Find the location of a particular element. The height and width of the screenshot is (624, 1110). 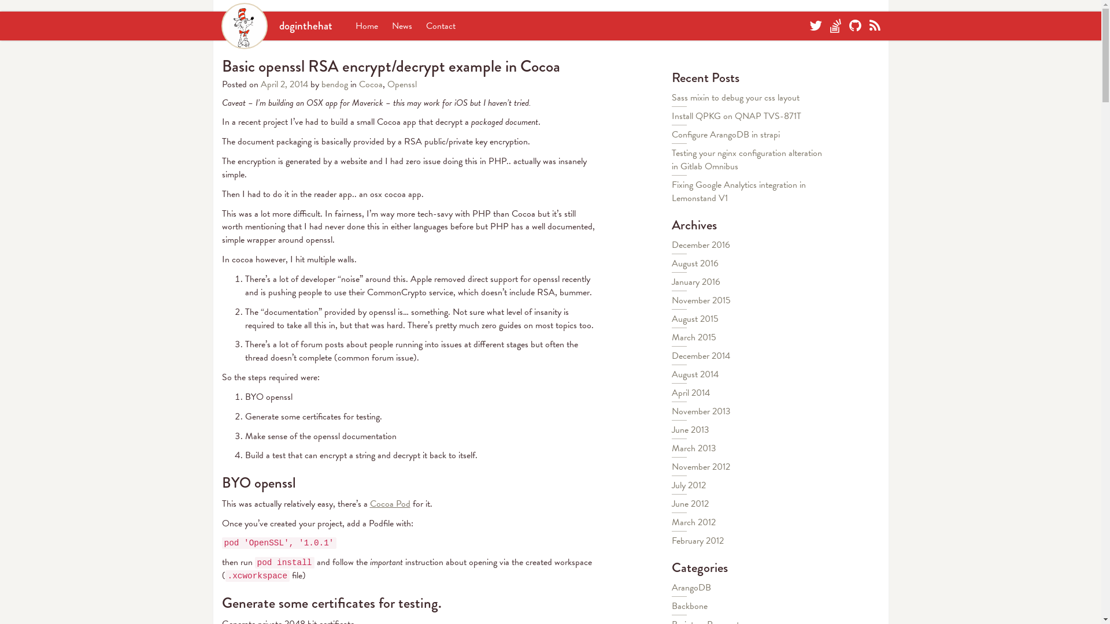

'July 2012' is located at coordinates (689, 485).